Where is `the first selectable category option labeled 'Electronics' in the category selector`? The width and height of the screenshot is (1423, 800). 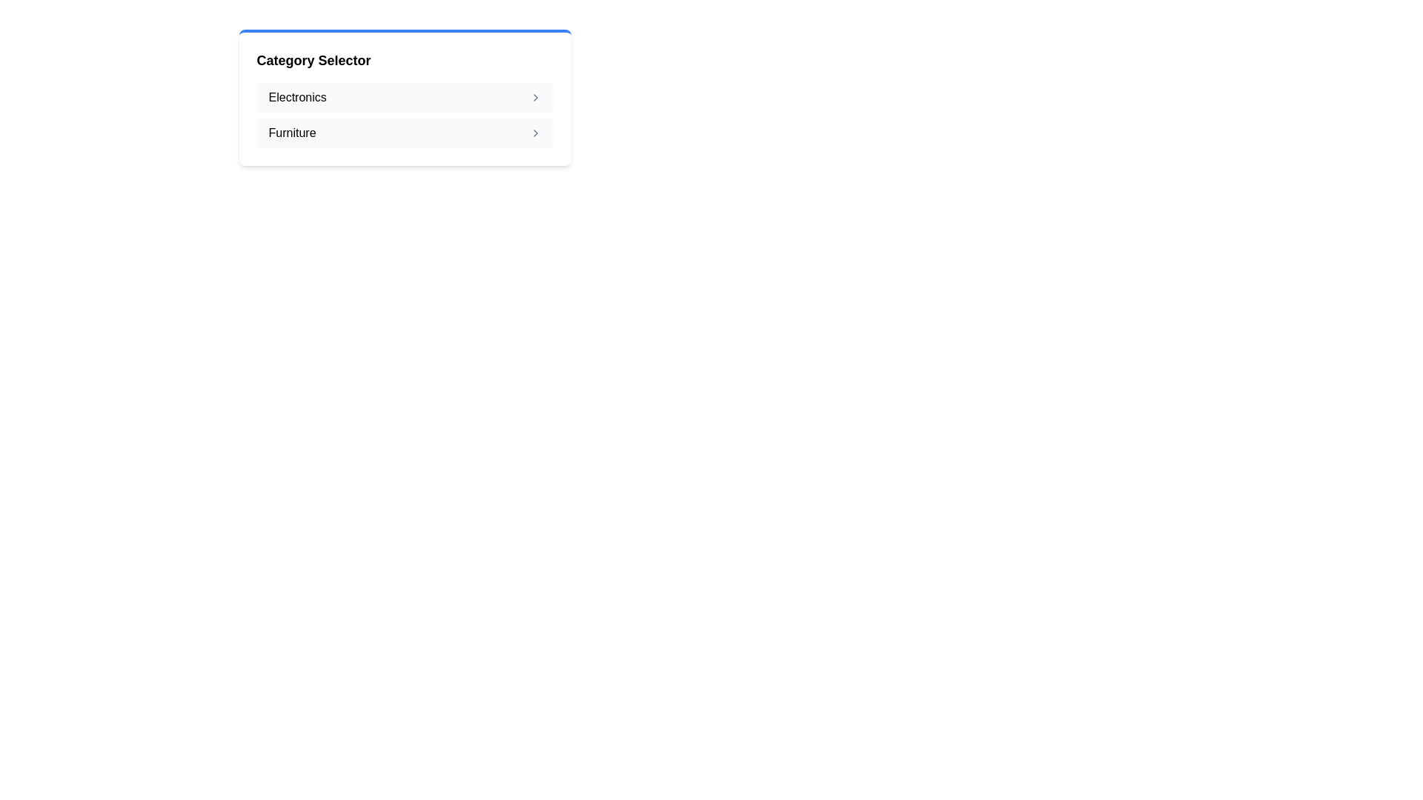
the first selectable category option labeled 'Electronics' in the category selector is located at coordinates (405, 97).